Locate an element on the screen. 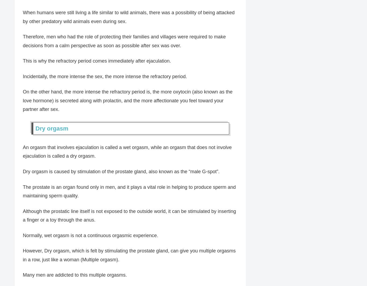  'Normally, wet orgasm is not a continuous orgasmic experience.' is located at coordinates (90, 235).